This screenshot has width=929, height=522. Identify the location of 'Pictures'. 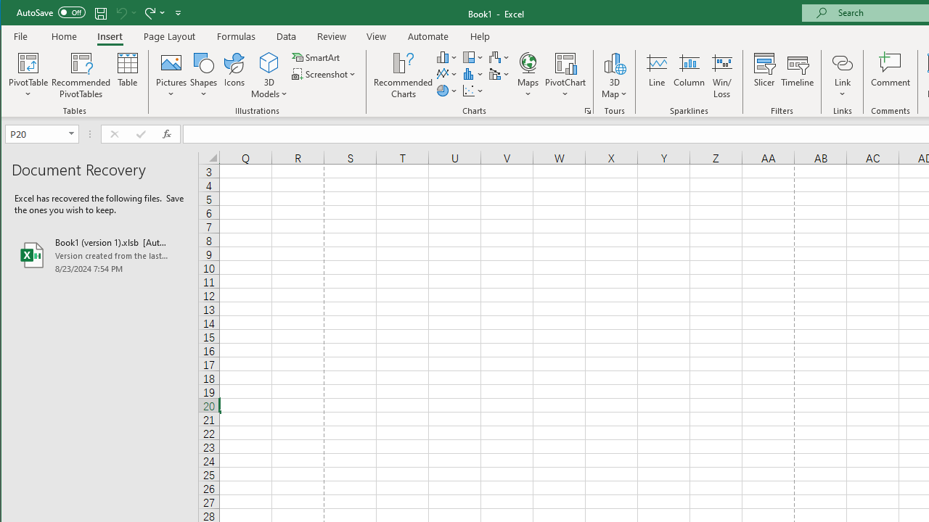
(171, 75).